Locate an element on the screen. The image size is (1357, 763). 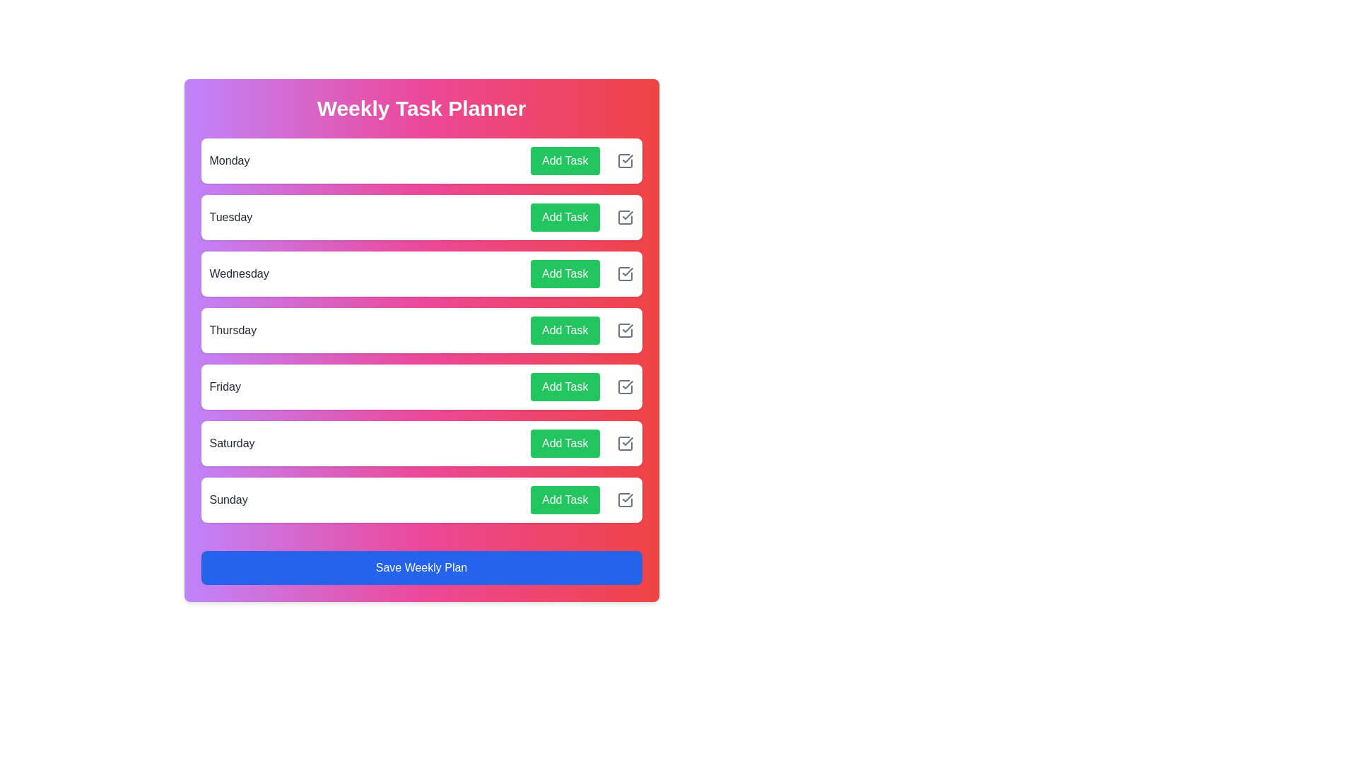
the checkbox icon for Saturday to mark the task as completed is located at coordinates (624, 443).